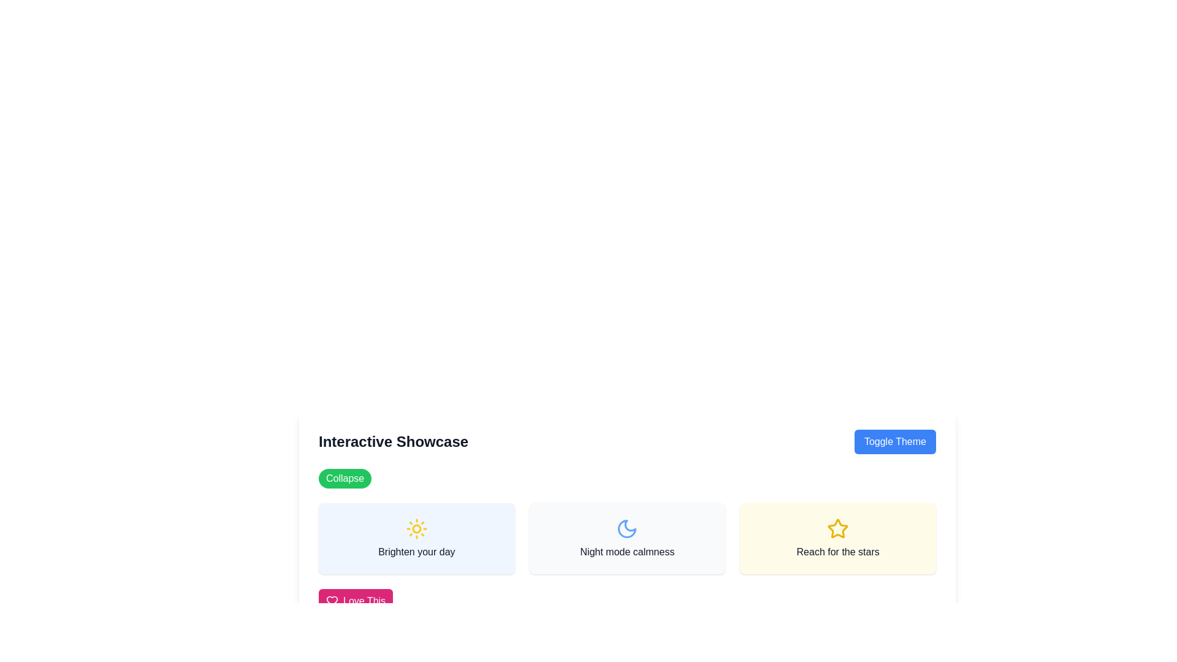 This screenshot has height=662, width=1177. What do you see at coordinates (837, 538) in the screenshot?
I see `the motivational text label and star icon displayed inside the card, which is the third item in a row of cards in the grid layout` at bounding box center [837, 538].